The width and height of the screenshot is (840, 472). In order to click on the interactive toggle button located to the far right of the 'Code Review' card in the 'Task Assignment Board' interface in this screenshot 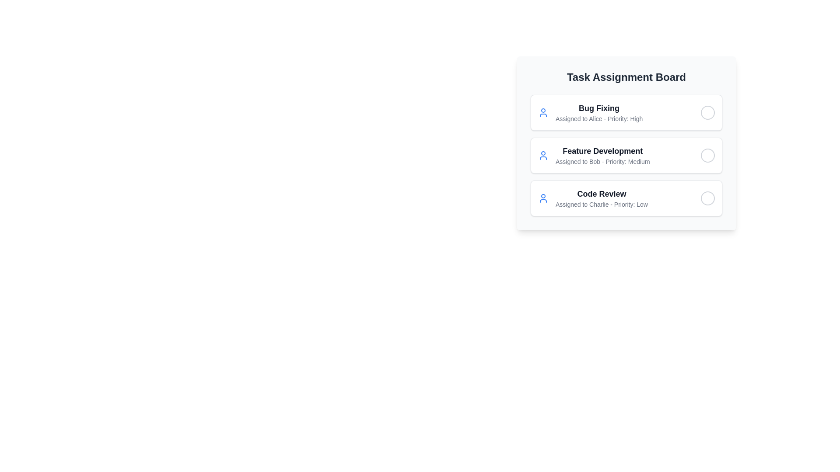, I will do `click(707, 198)`.